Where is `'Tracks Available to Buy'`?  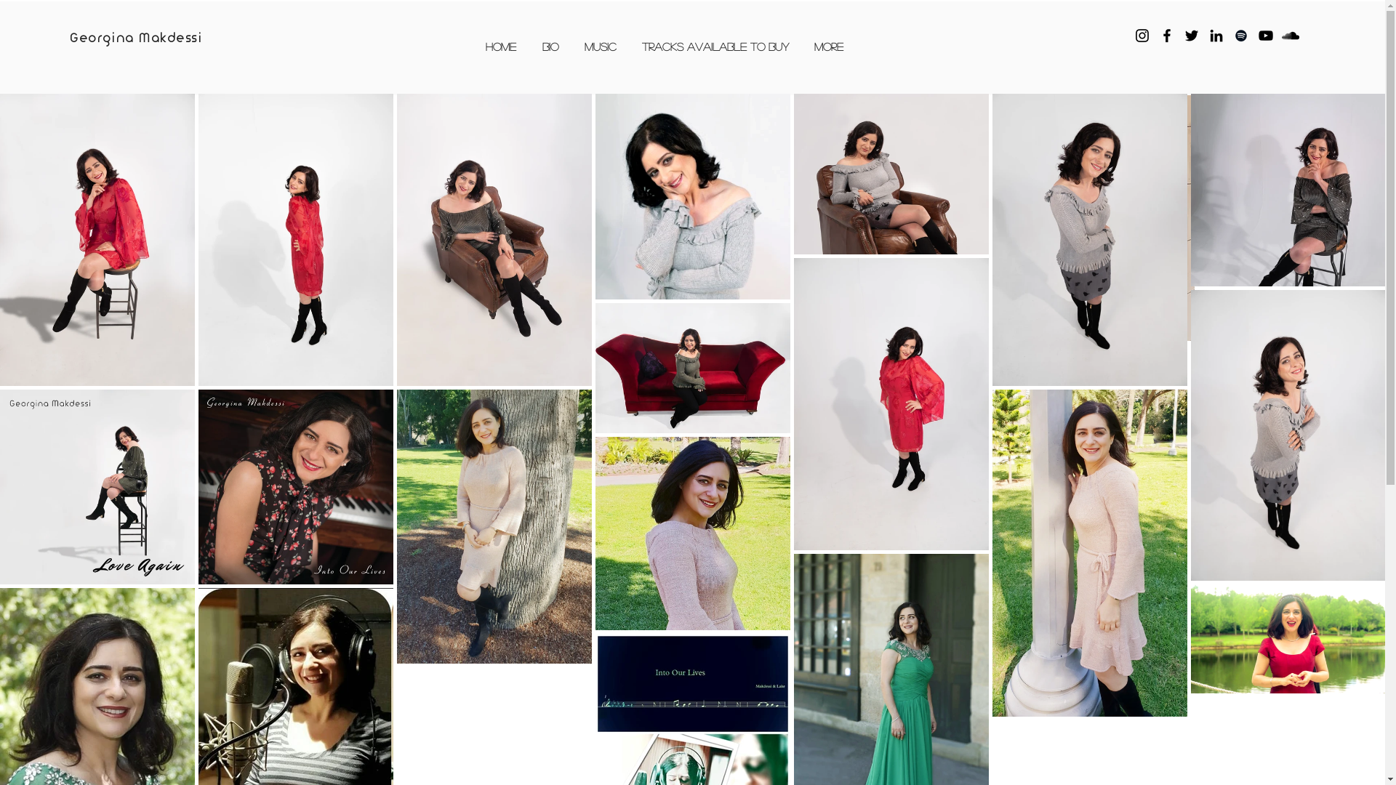 'Tracks Available to Buy' is located at coordinates (629, 45).